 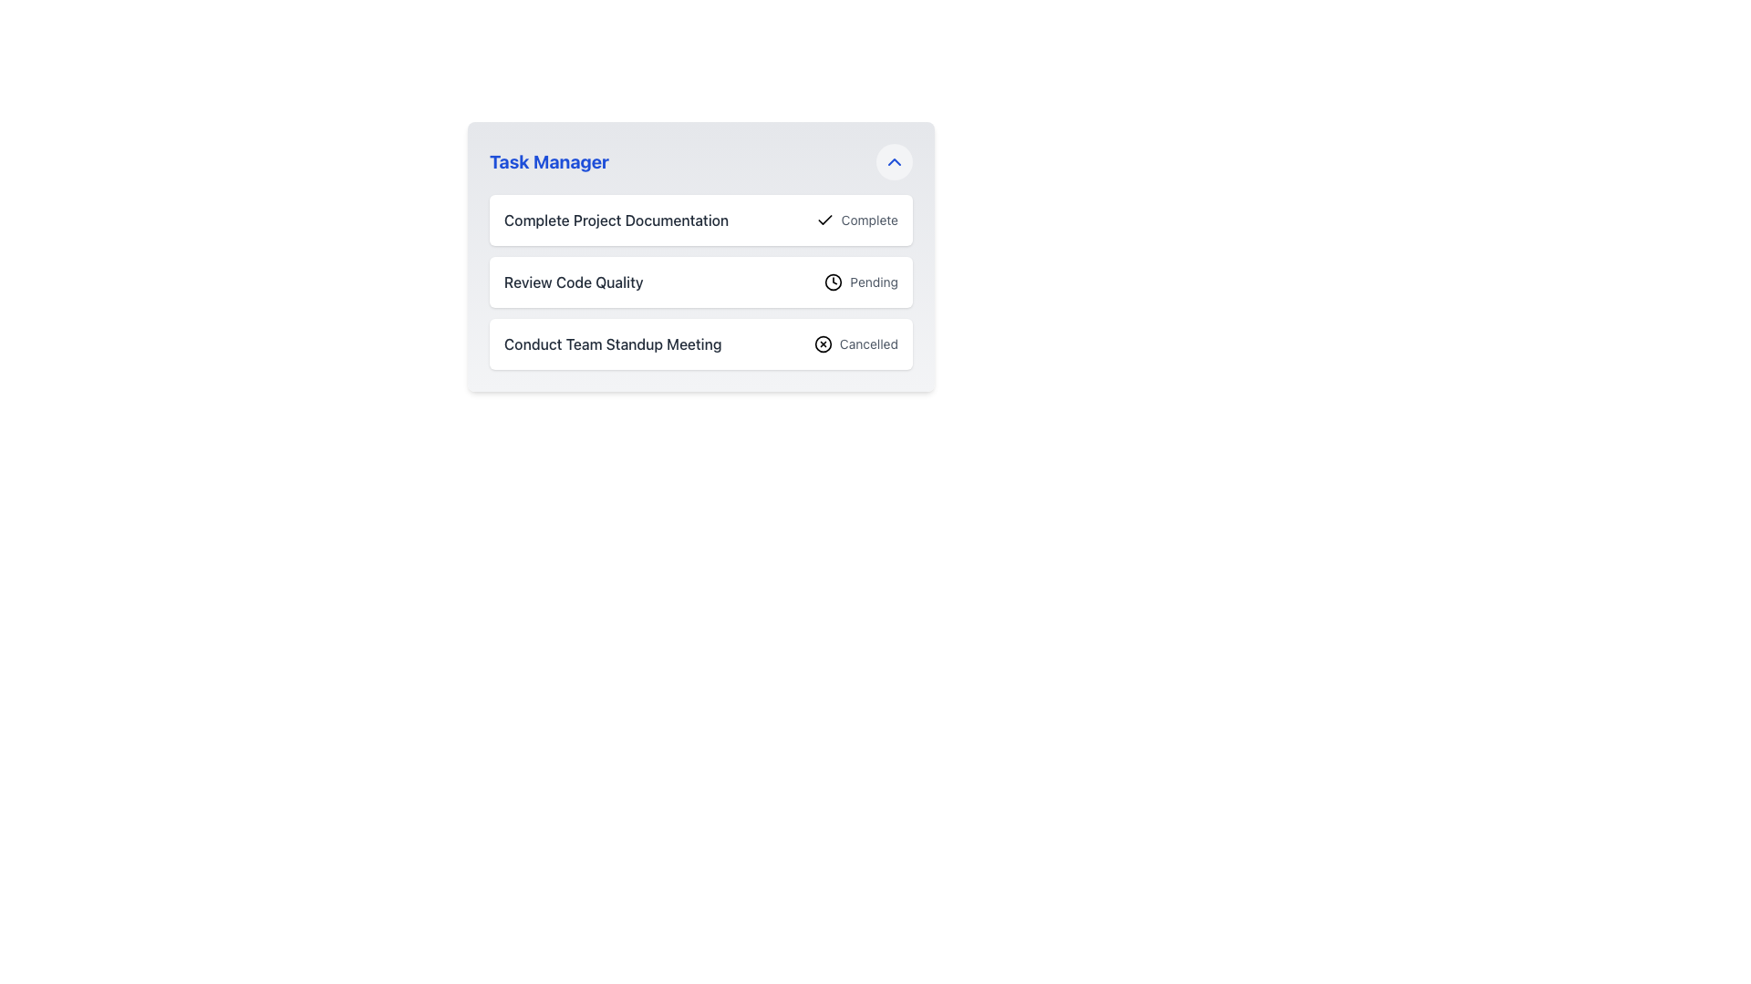 What do you see at coordinates (868, 220) in the screenshot?
I see `the text label indicating the completion status of the 'Complete Project Documentation' task, which is positioned in the topmost row of the task list and aligned to the right of the checkmark icon` at bounding box center [868, 220].